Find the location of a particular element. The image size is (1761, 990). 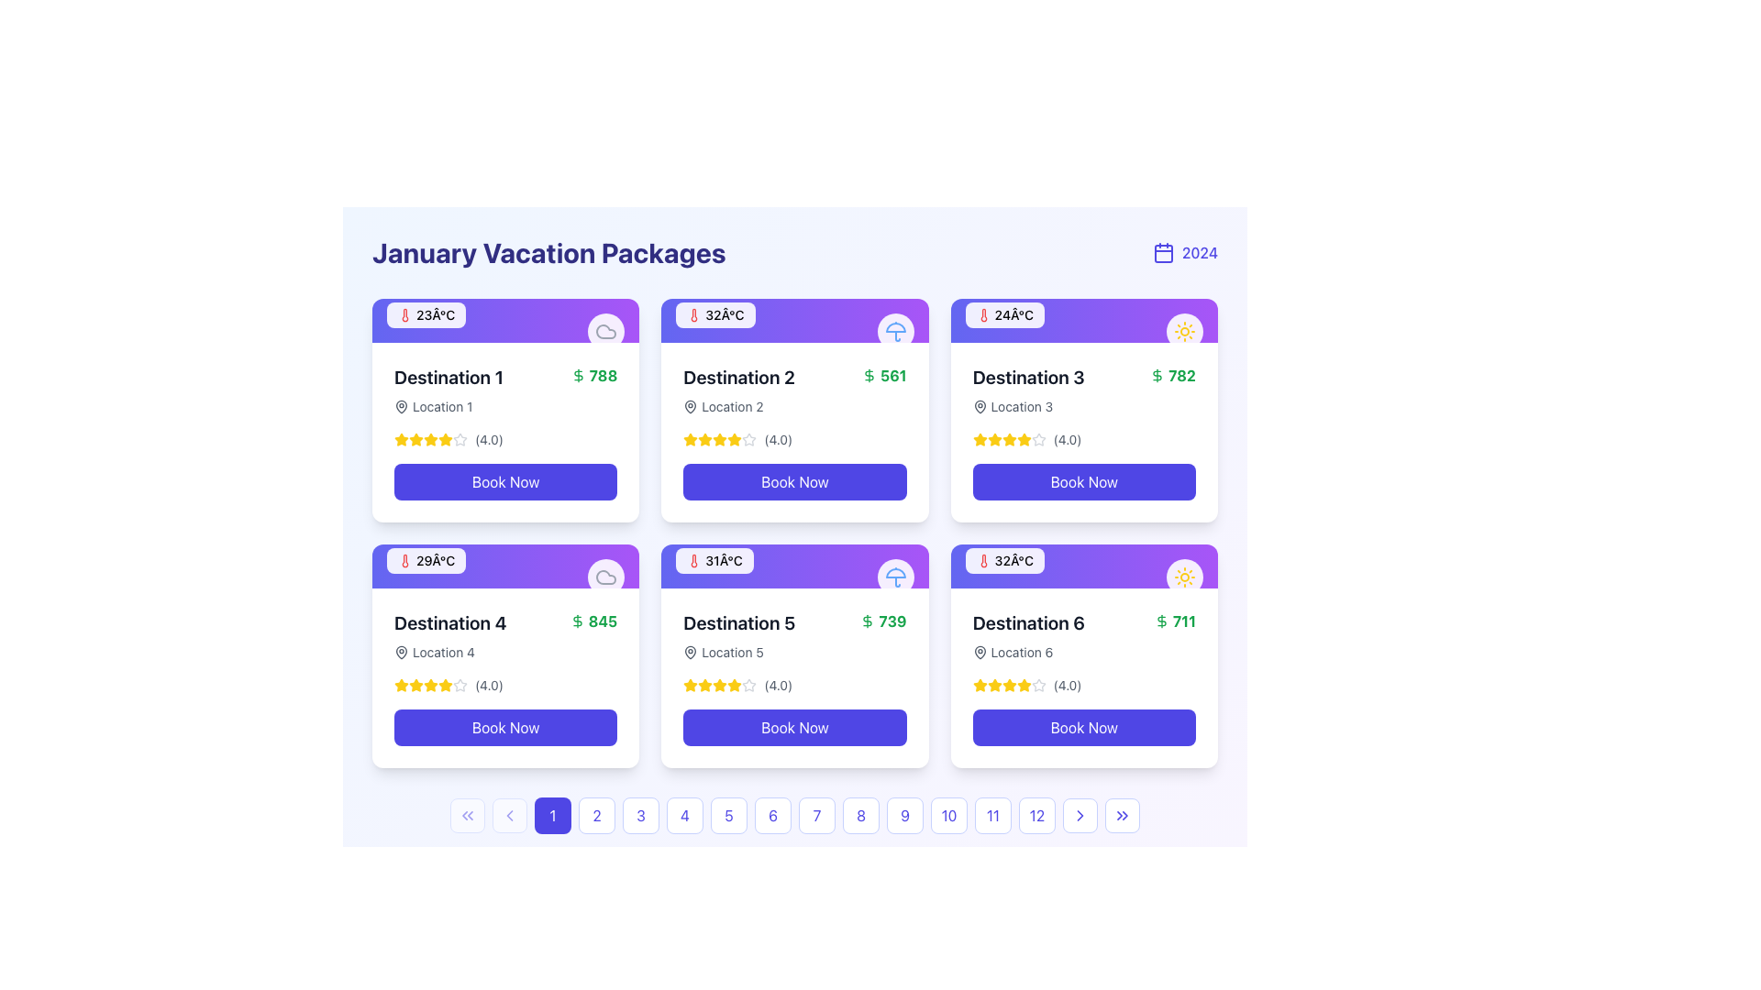

the 'Location 6' text and pin icon, which is part of the 'Destination 6' card in the bottom-right corner of the six-card grid is located at coordinates (1028, 652).